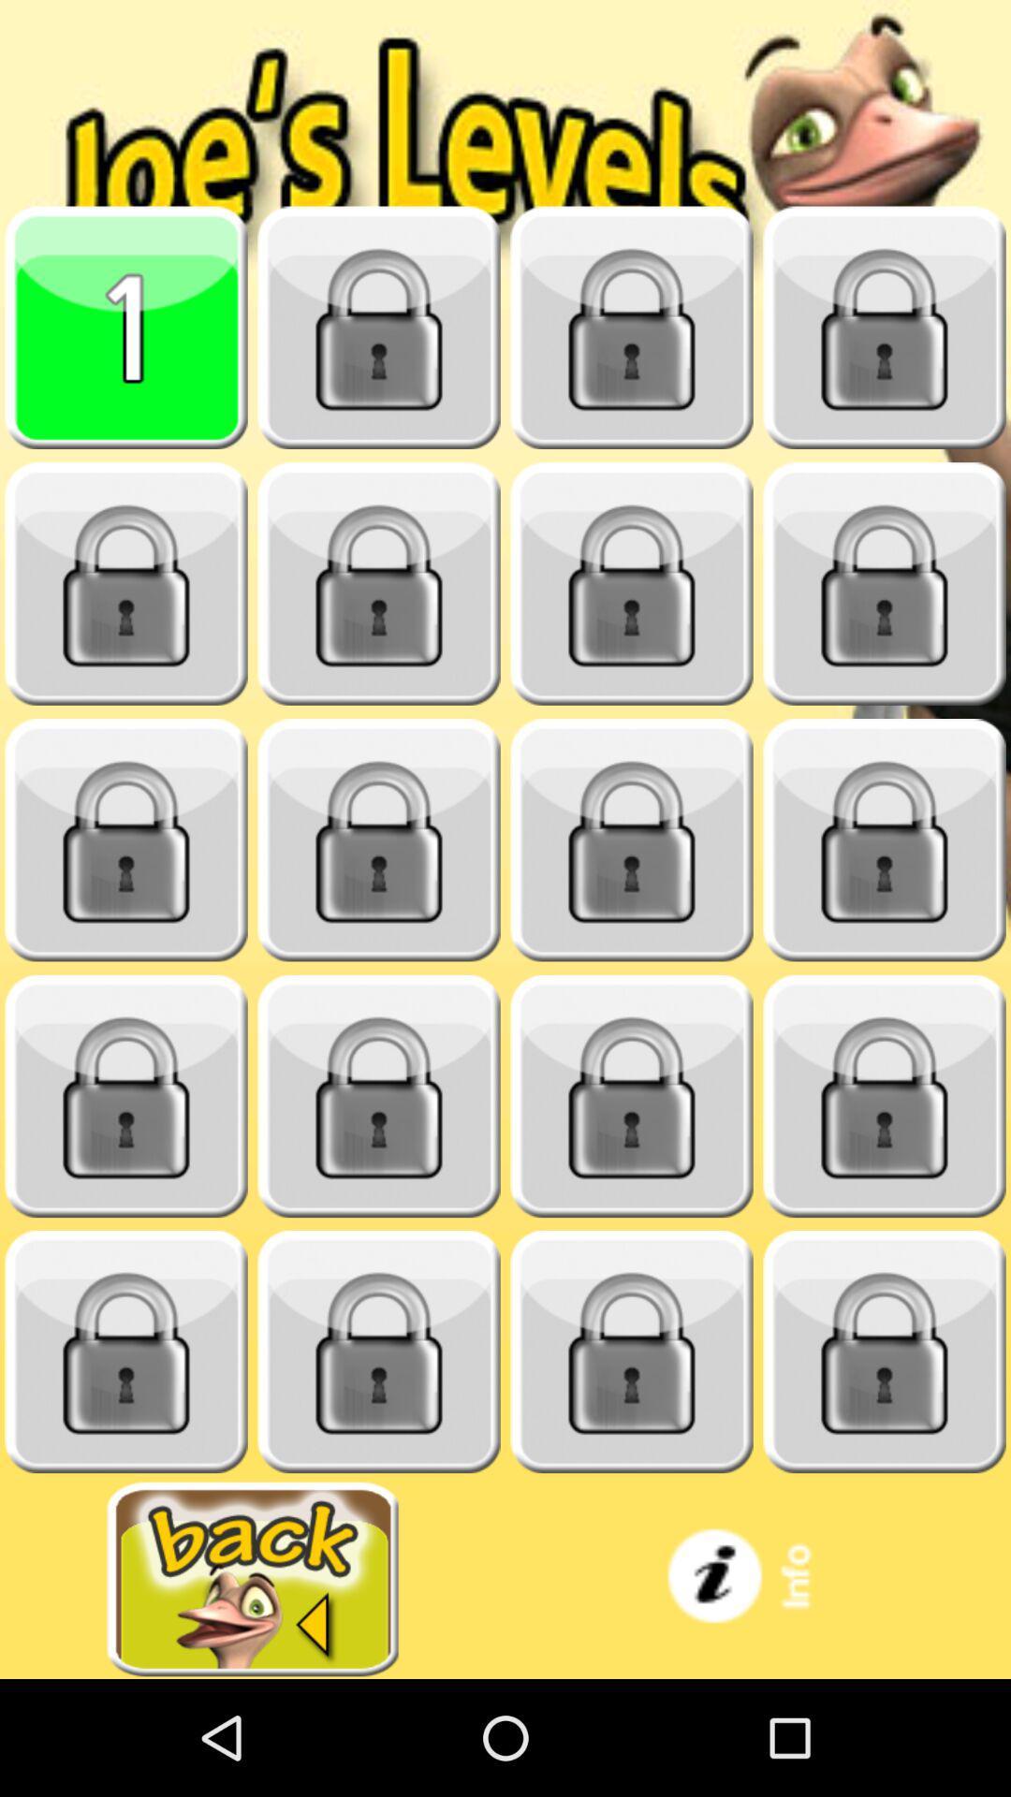 This screenshot has width=1011, height=1797. I want to click on this tile, so click(126, 328).